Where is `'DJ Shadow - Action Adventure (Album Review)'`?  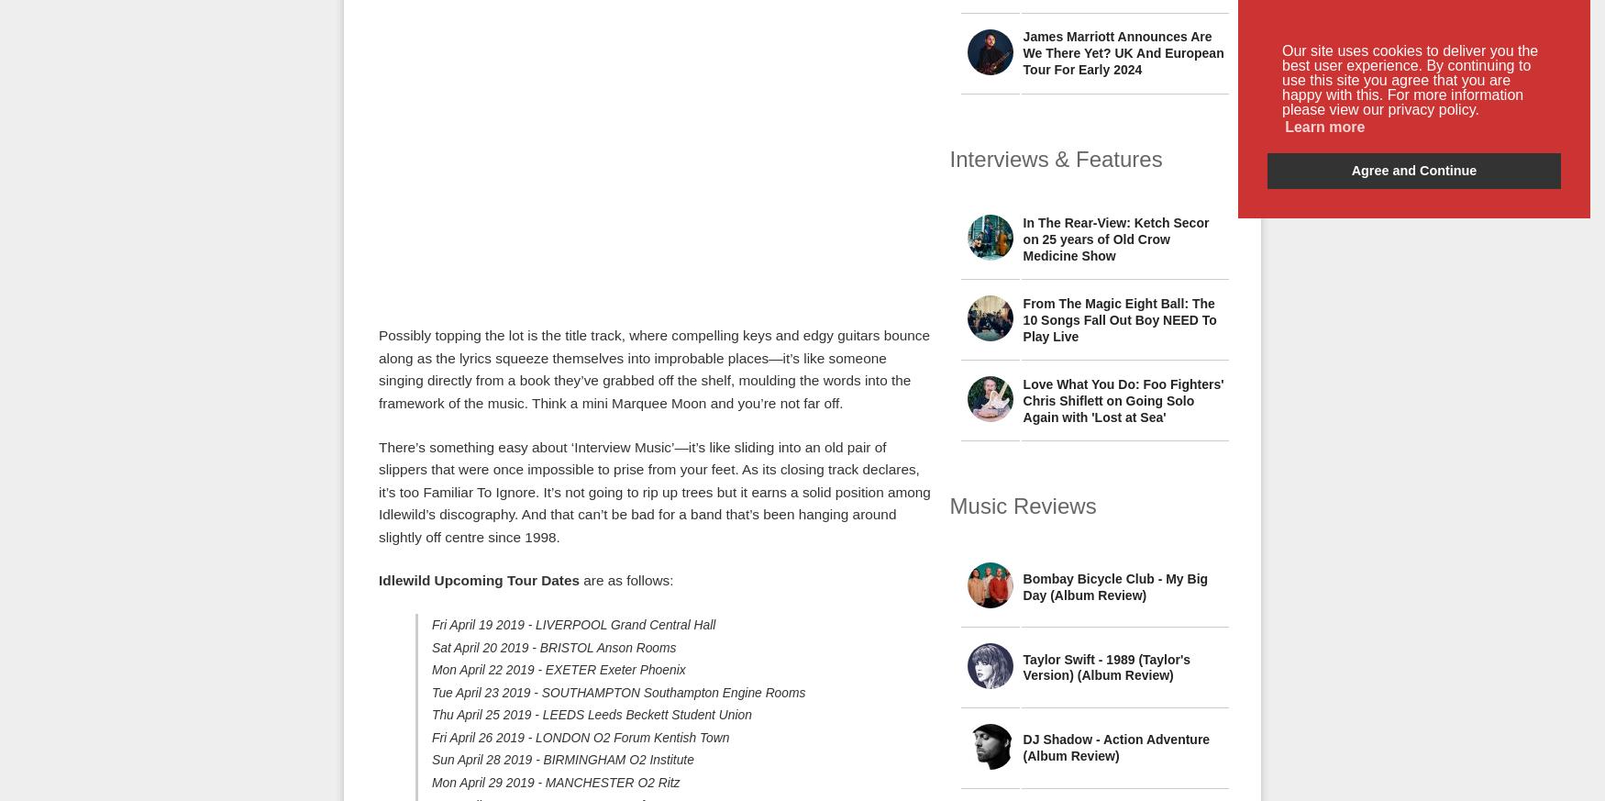 'DJ Shadow - Action Adventure (Album Review)' is located at coordinates (1115, 748).